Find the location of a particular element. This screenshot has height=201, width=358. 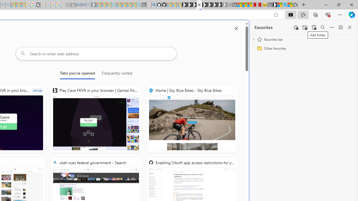

'github - Search' is located at coordinates (154, 5).